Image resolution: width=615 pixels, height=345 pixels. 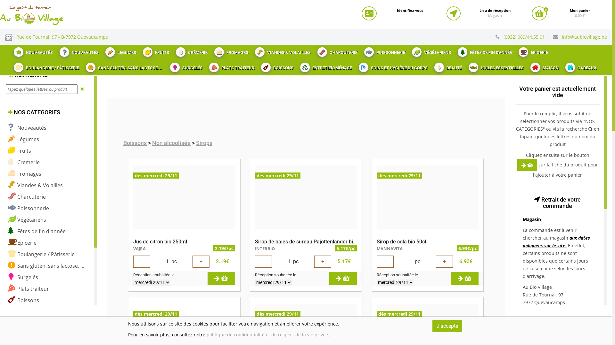 I want to click on '(0032) 069/44.55.01', so click(x=526, y=37).